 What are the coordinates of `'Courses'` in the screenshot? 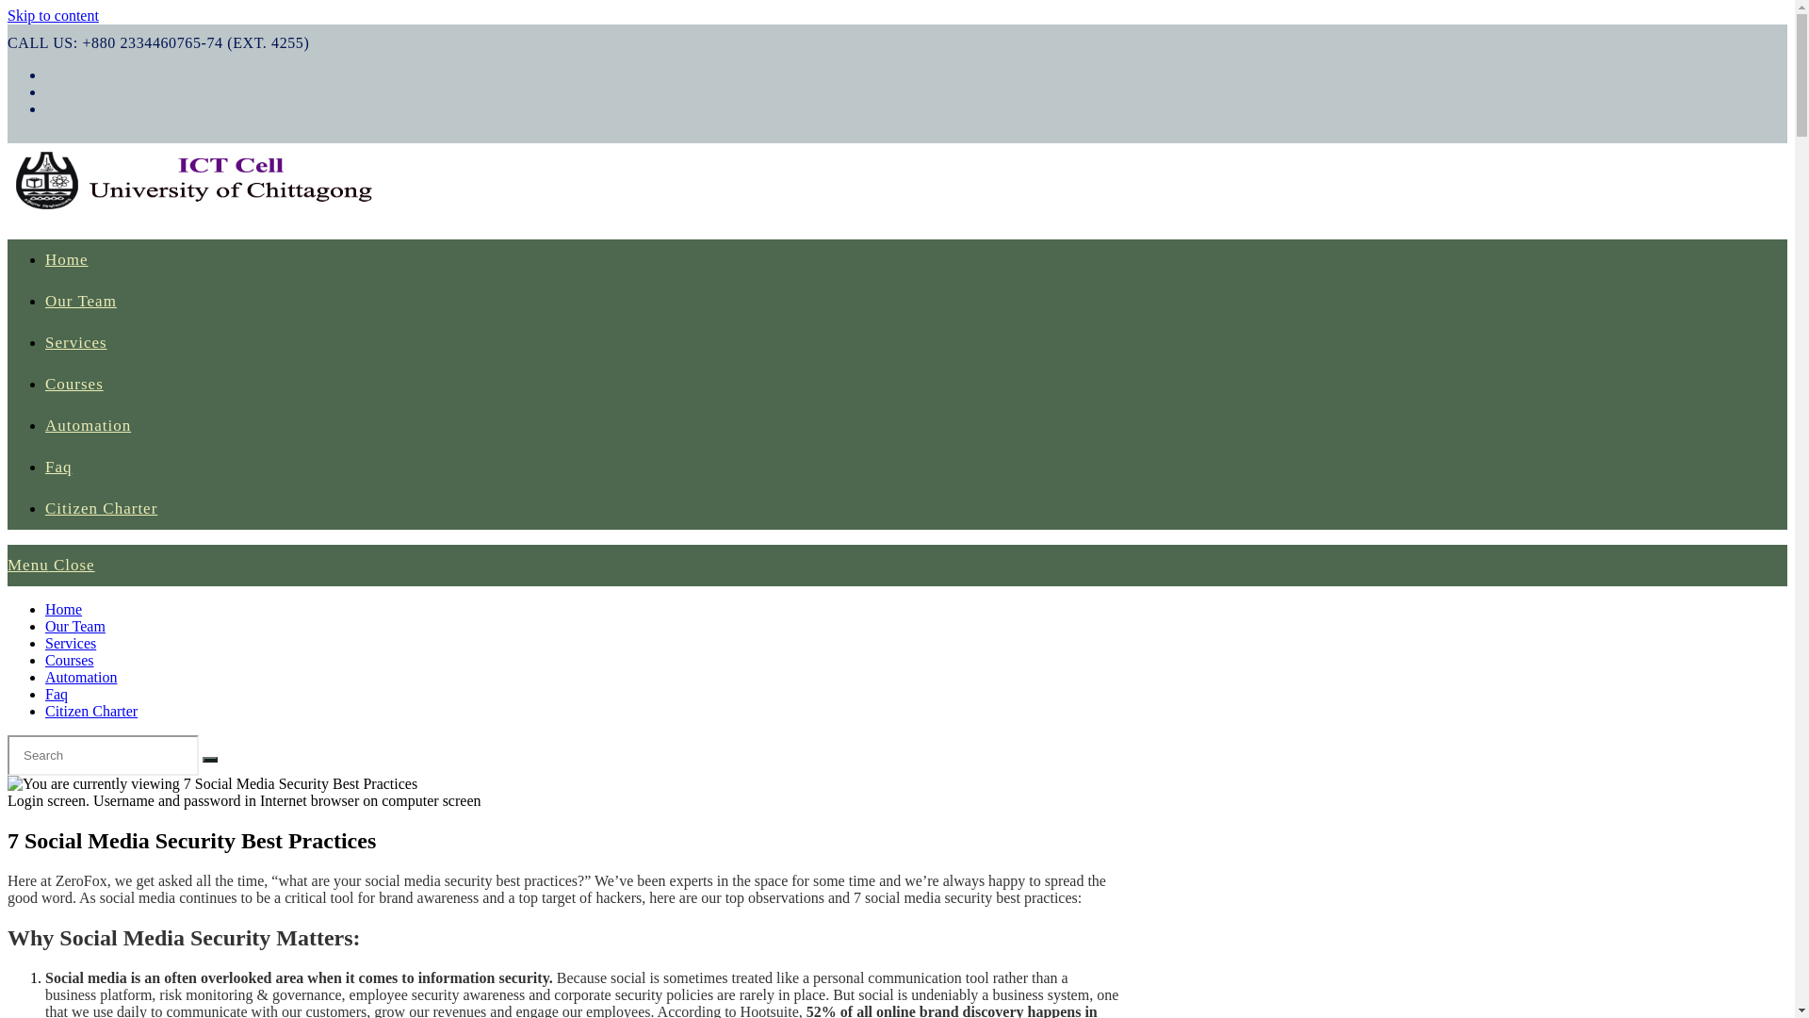 It's located at (69, 659).